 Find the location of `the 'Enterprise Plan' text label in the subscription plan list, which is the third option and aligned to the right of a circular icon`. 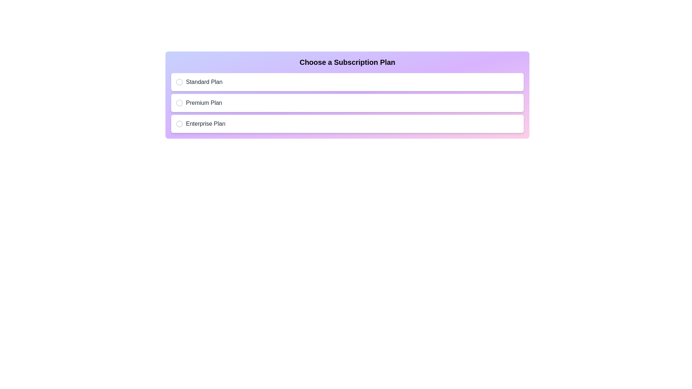

the 'Enterprise Plan' text label in the subscription plan list, which is the third option and aligned to the right of a circular icon is located at coordinates (205, 123).